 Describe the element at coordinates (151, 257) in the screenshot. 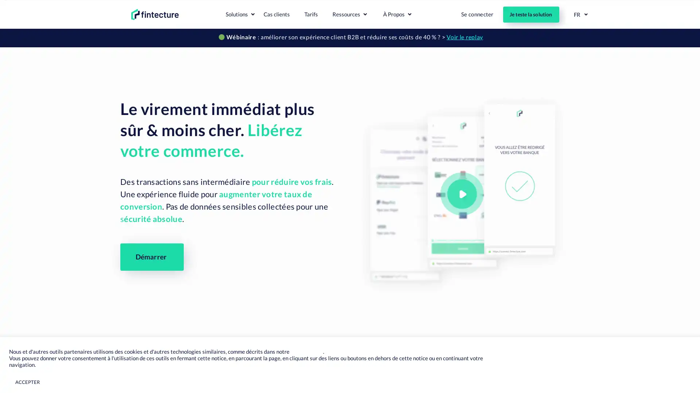

I see `Demarrer` at that location.